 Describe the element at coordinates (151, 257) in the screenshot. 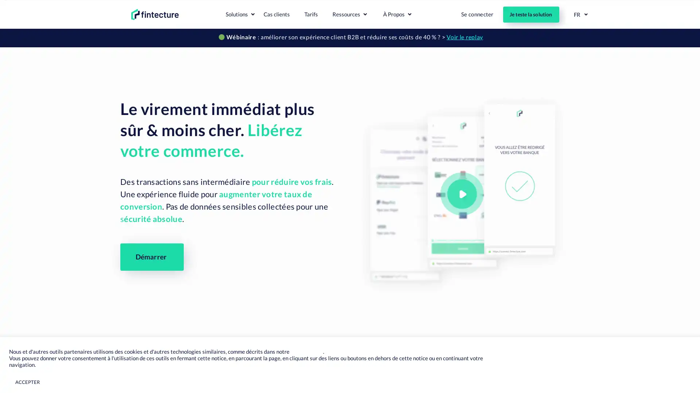

I see `Demarrer` at that location.